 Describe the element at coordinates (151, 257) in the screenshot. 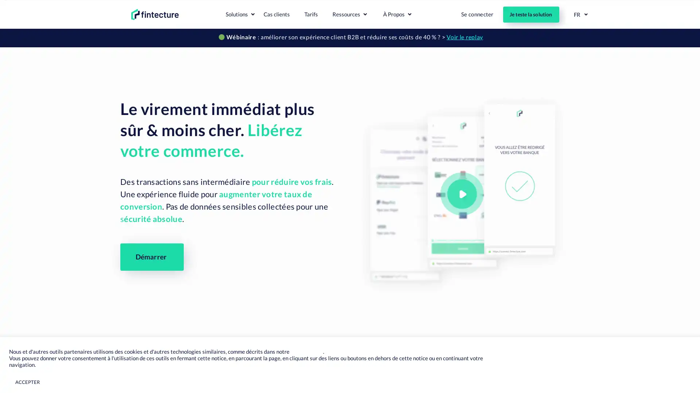

I see `Demarrer` at that location.